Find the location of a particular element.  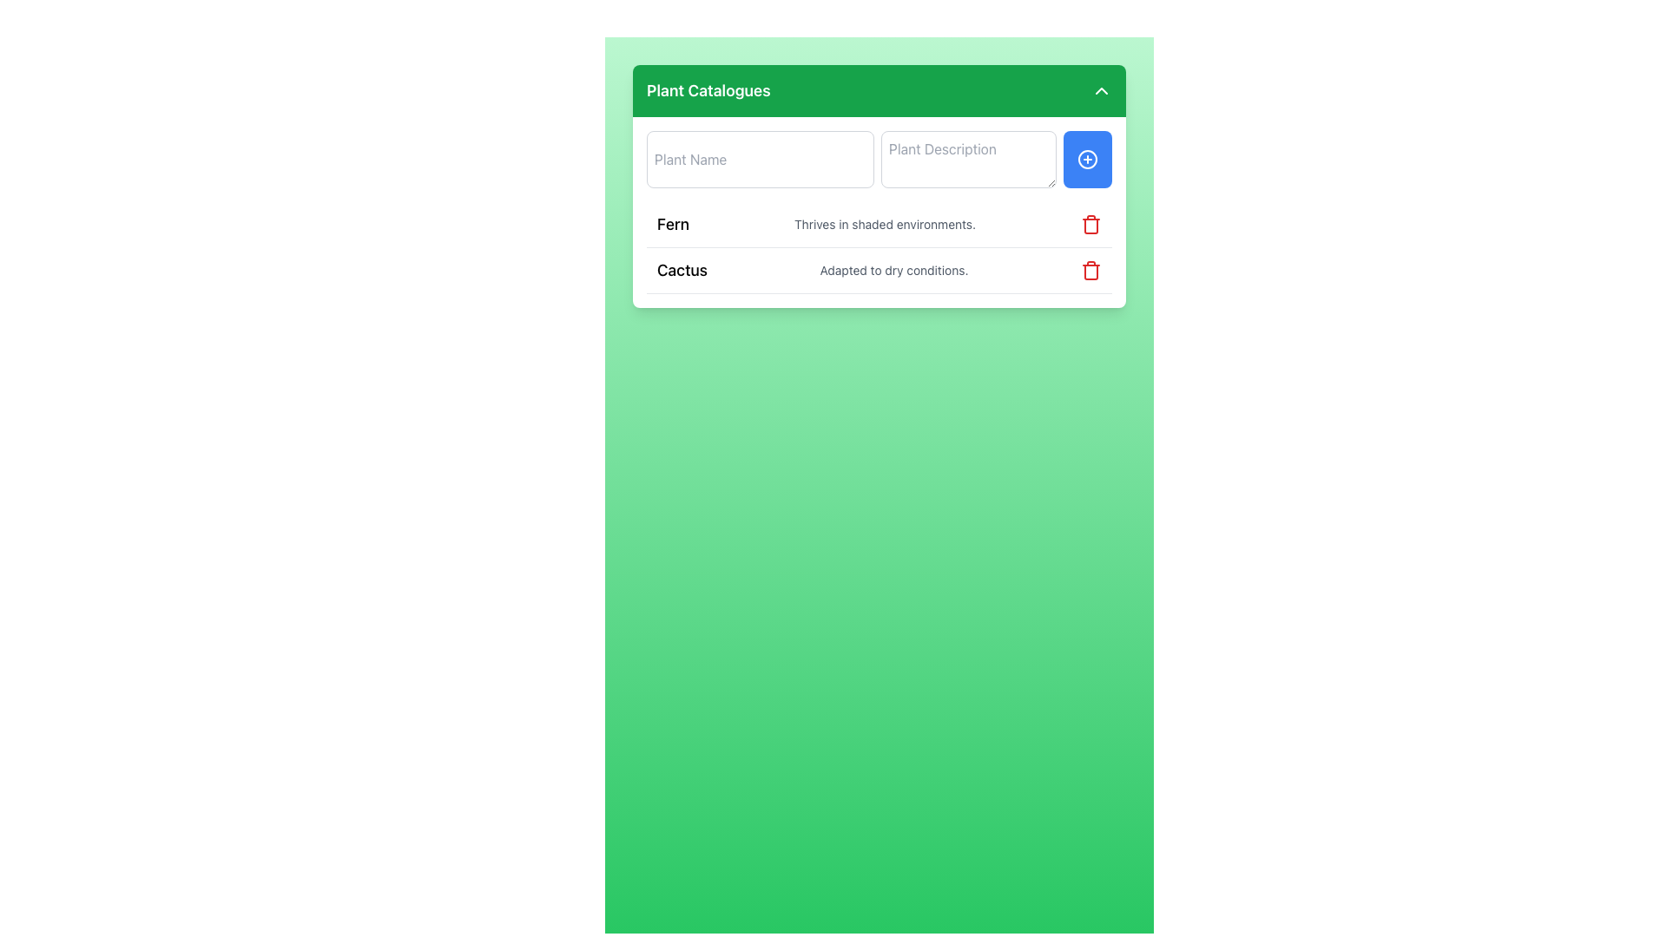

the static text element that displays 'Fern', which is styled in bold and is the first item in a row of plant descriptions is located at coordinates (672, 223).